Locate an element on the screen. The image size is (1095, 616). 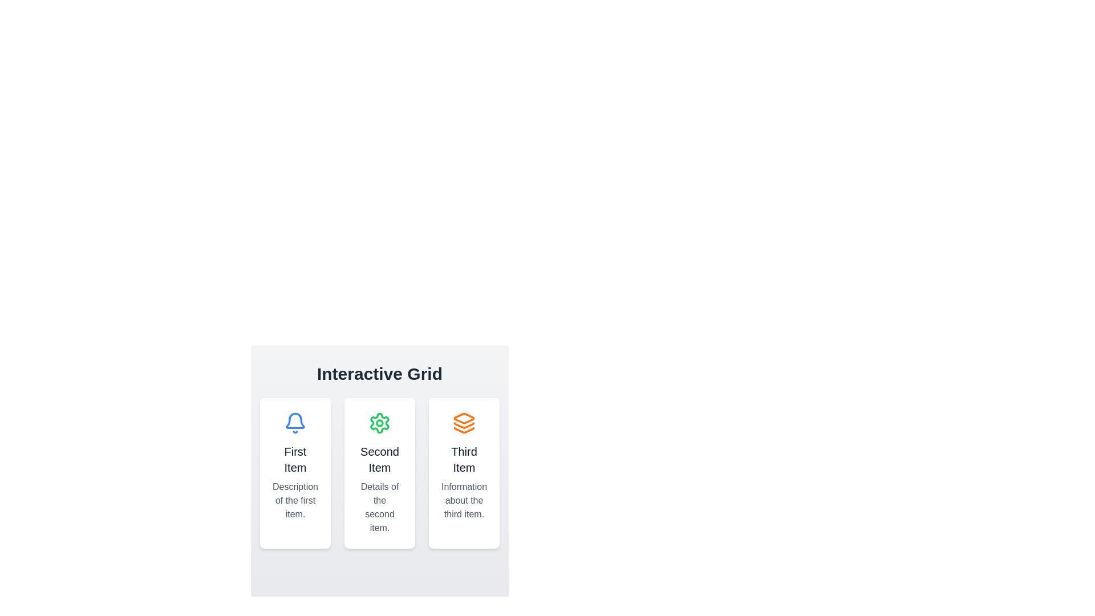
the green cogwheel-like icon located in the center of the icon slot within the 'Second Item' card is located at coordinates (380, 423).